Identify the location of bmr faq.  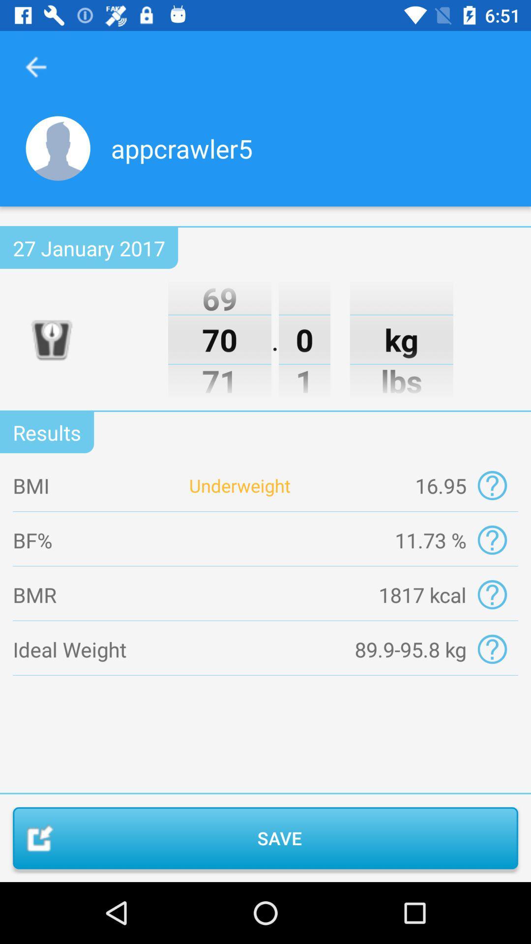
(492, 594).